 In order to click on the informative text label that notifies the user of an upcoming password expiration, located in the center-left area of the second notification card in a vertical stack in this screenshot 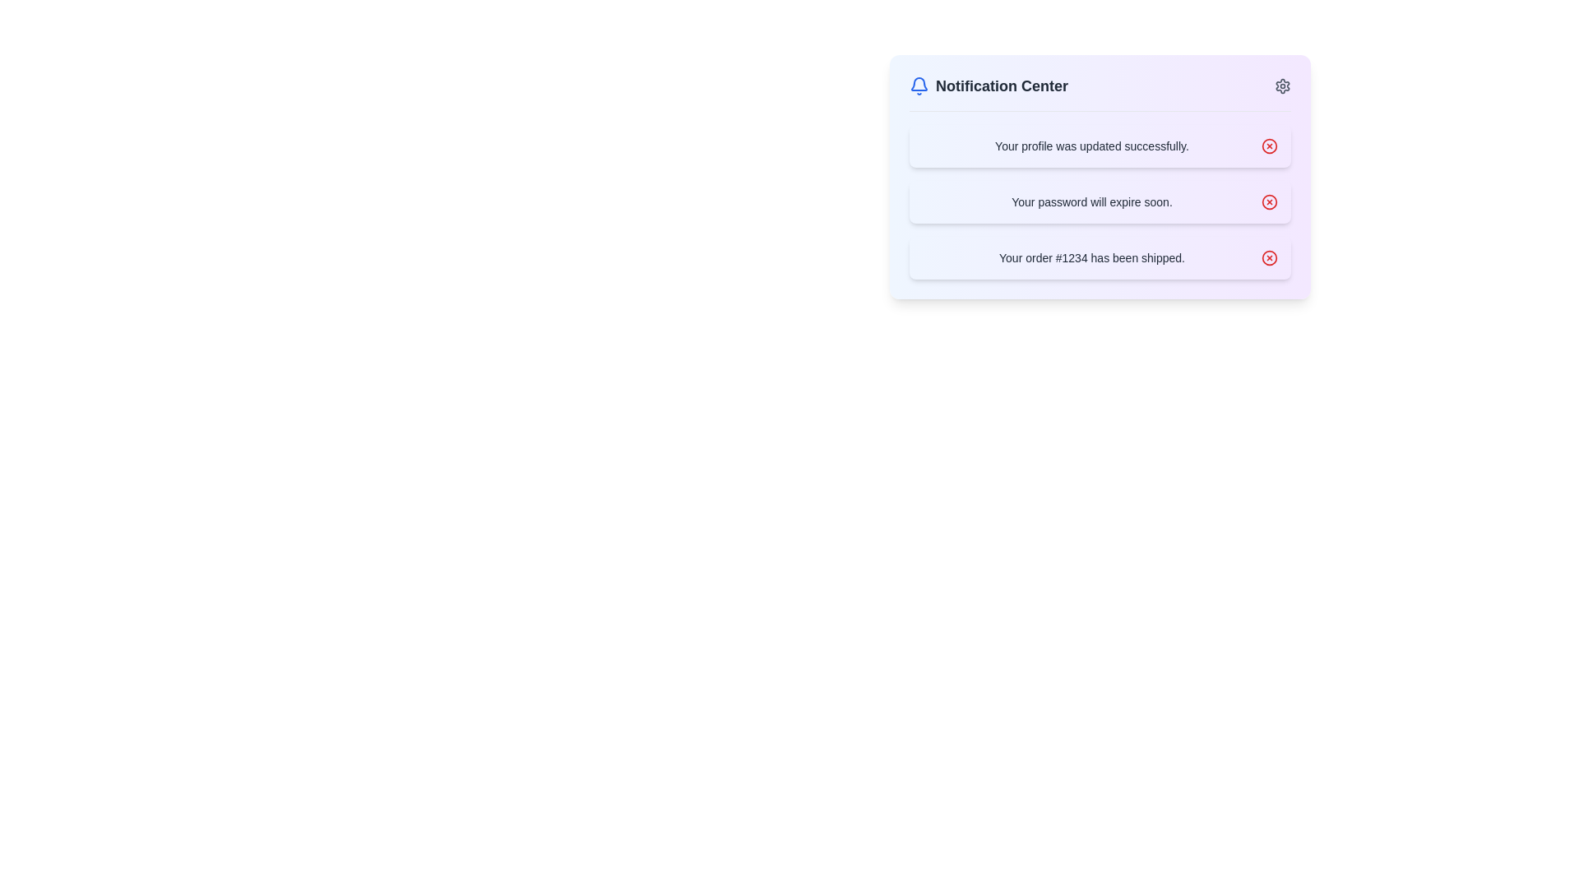, I will do `click(1092, 201)`.